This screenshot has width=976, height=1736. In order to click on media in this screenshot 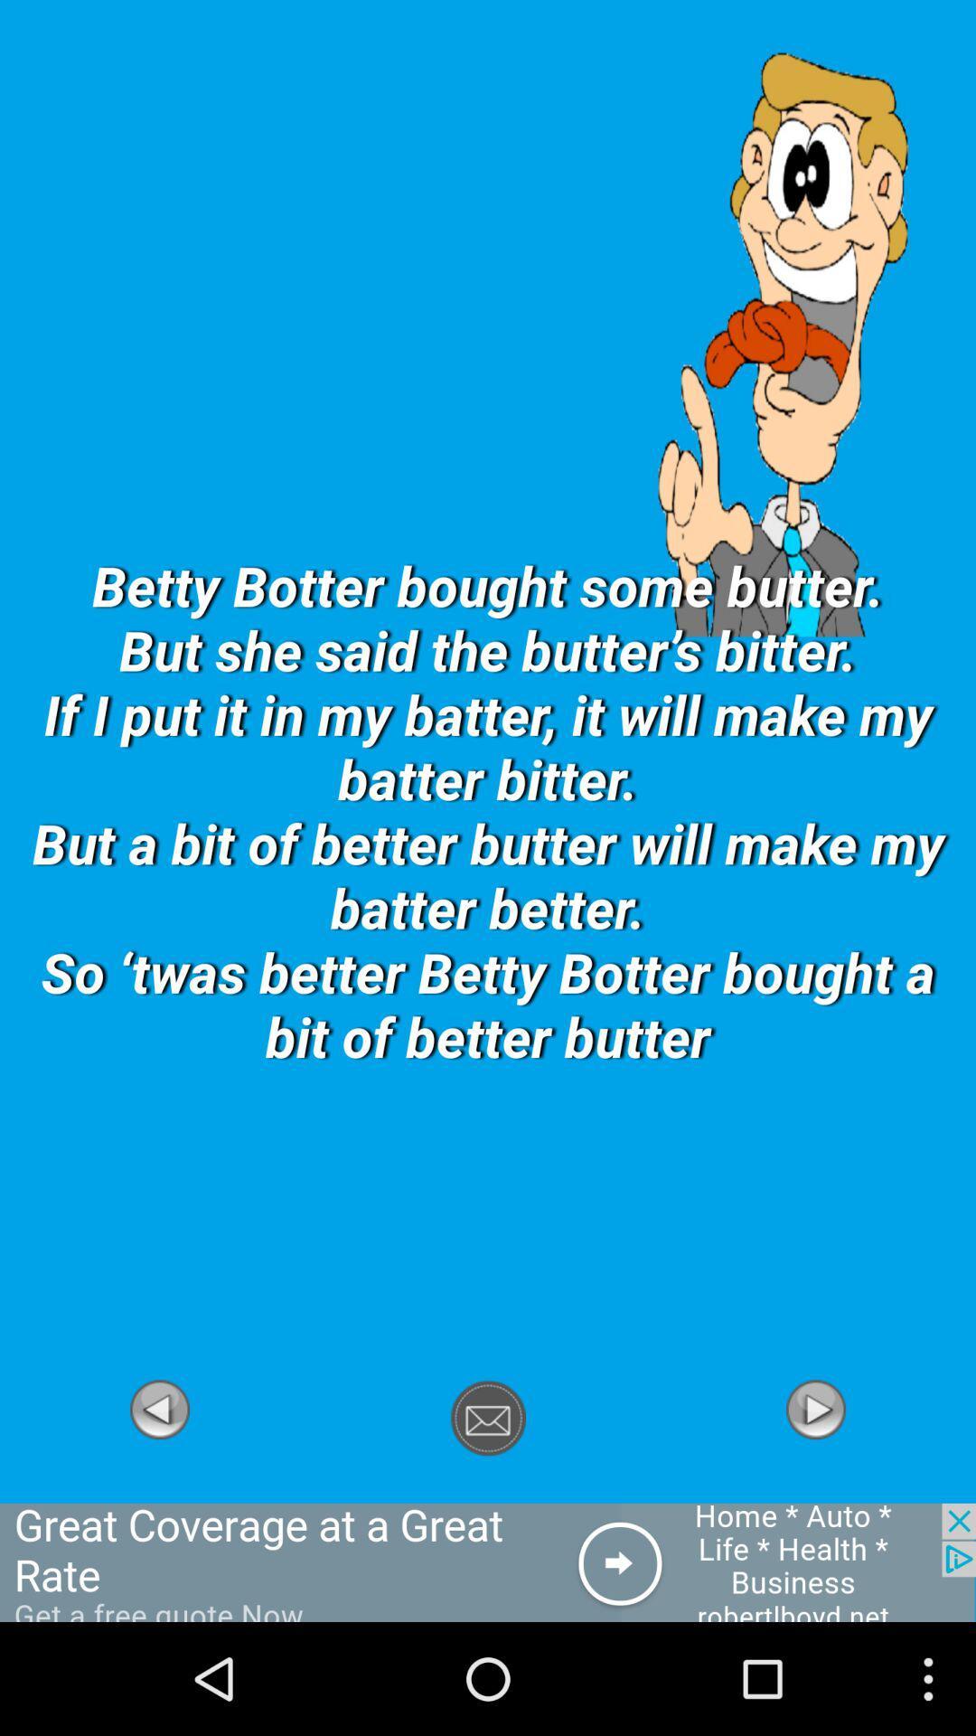, I will do `click(815, 1493)`.